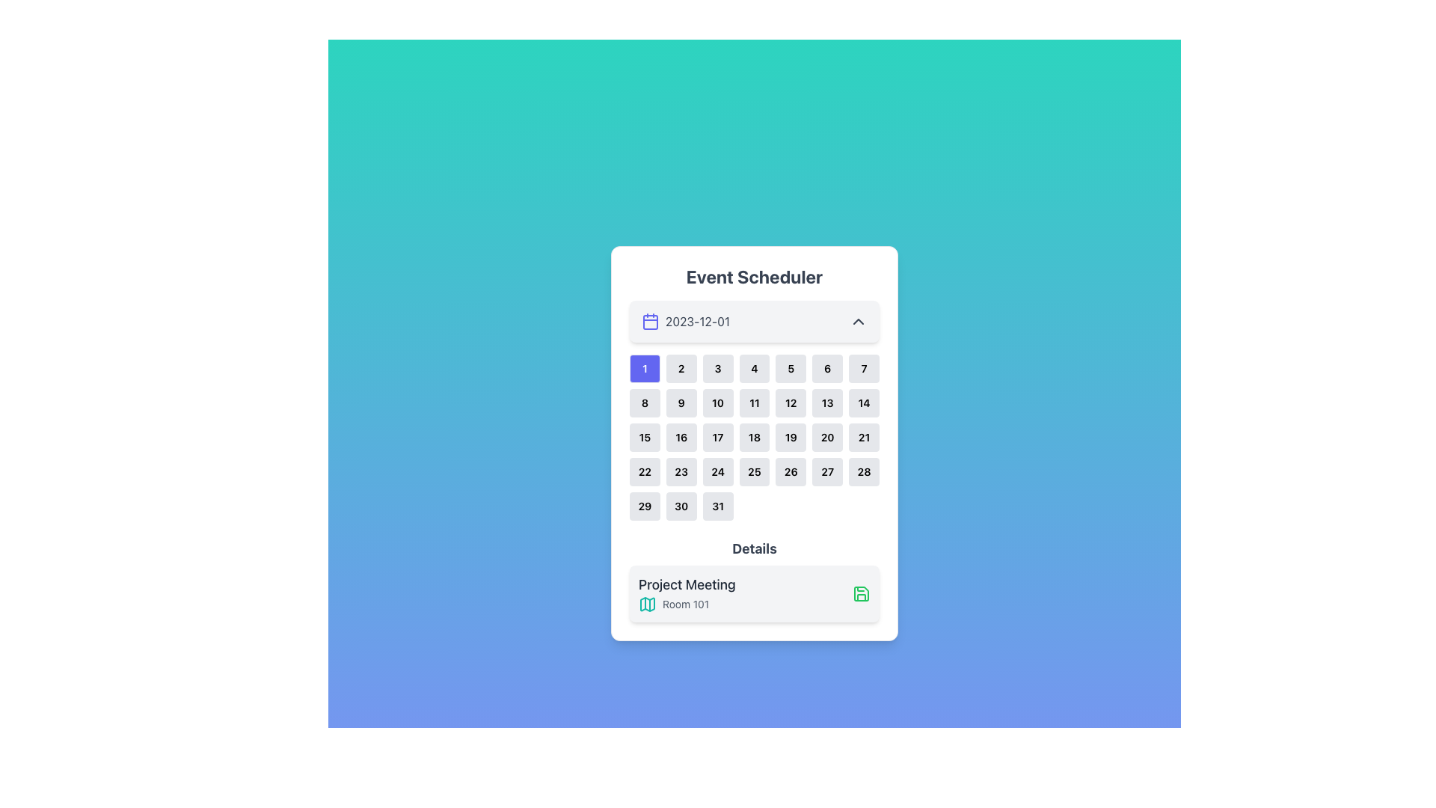 The height and width of the screenshot is (808, 1436). Describe the element at coordinates (650, 322) in the screenshot. I see `the indigo square with rounded corners representing the background of the calendar icon located near the top-left of the SVG graphic` at that location.